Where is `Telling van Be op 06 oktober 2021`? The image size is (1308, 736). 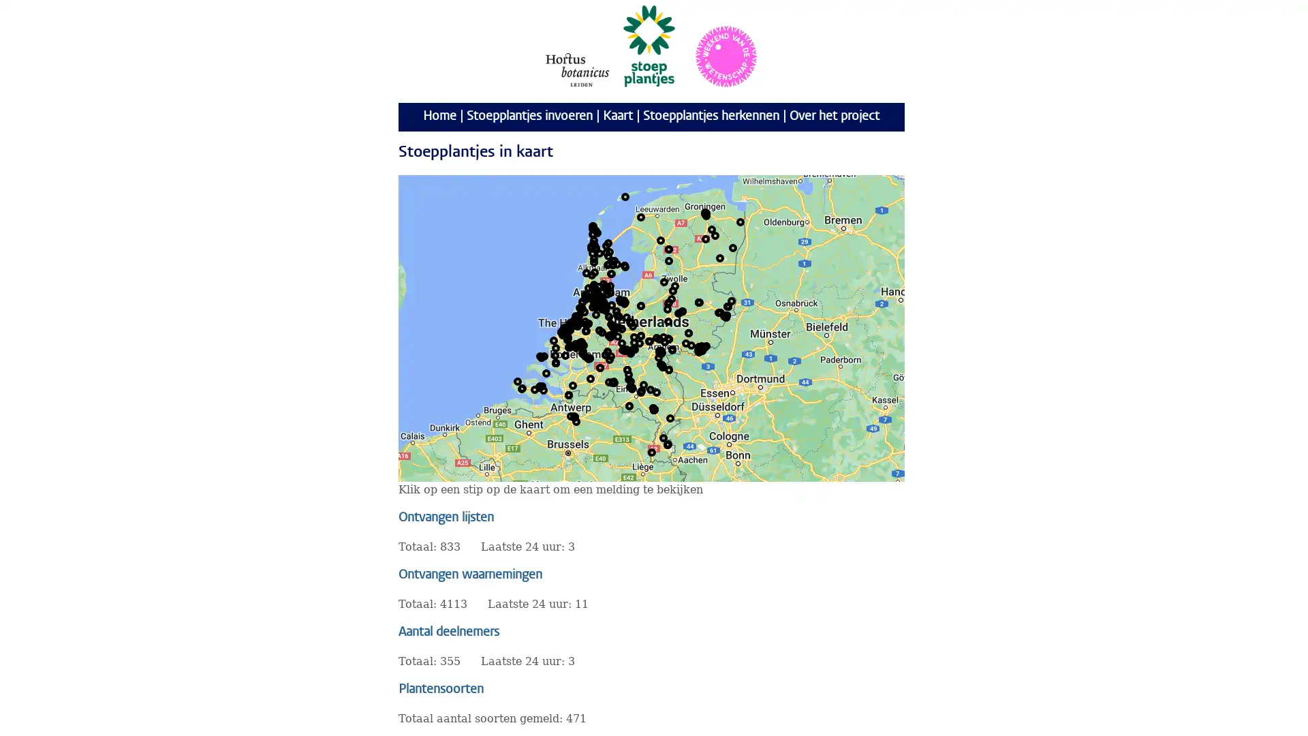
Telling van Be op 06 oktober 2021 is located at coordinates (589, 323).